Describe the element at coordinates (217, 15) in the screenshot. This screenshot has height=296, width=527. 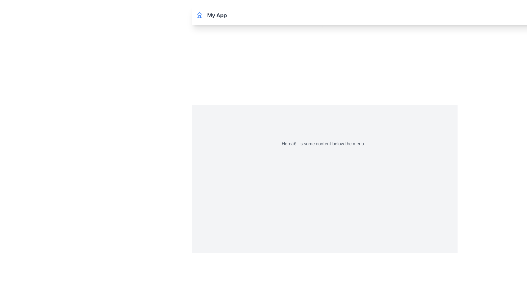
I see `branding text element located to the right of the blue house icon in the navigation bar at the top of the interface` at that location.